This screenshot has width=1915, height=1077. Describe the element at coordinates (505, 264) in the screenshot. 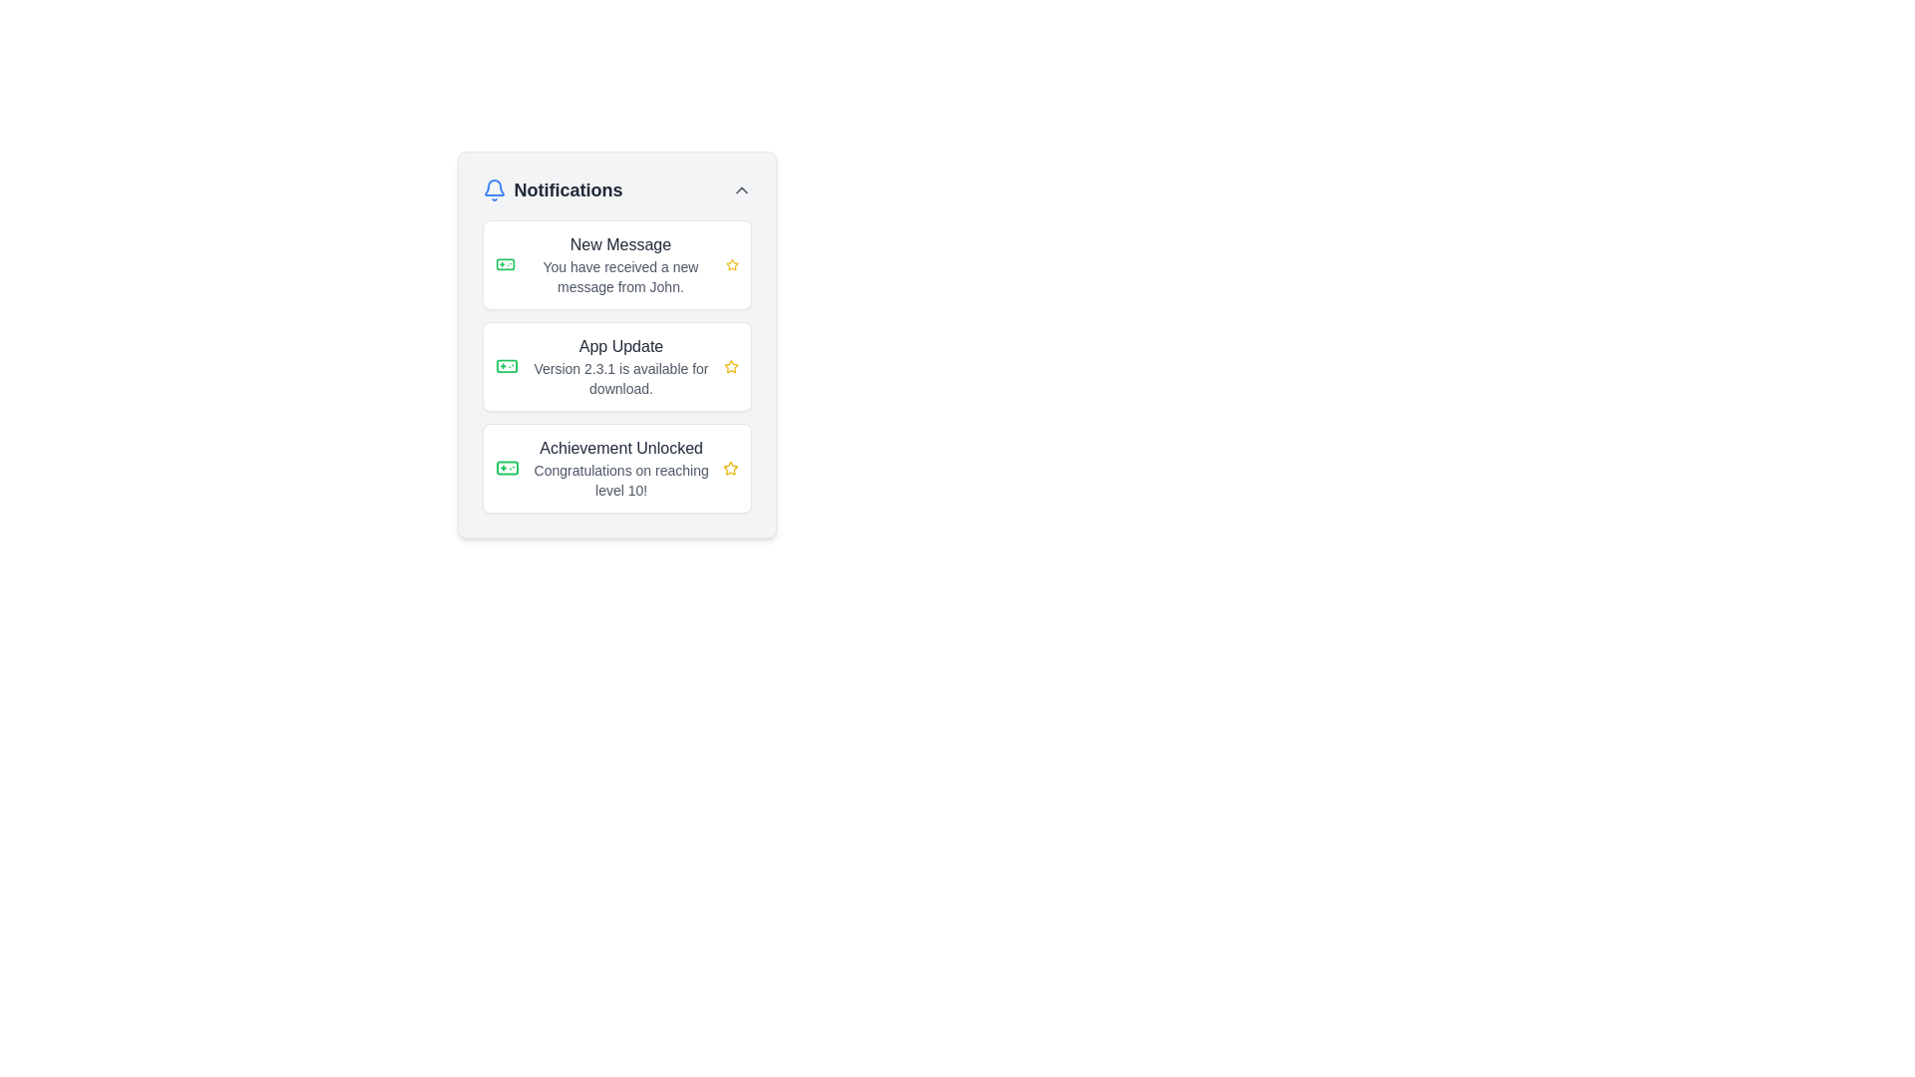

I see `the game controller icon with a green outline located to the left of the 'New Message' text in the notification card for additional information` at that location.